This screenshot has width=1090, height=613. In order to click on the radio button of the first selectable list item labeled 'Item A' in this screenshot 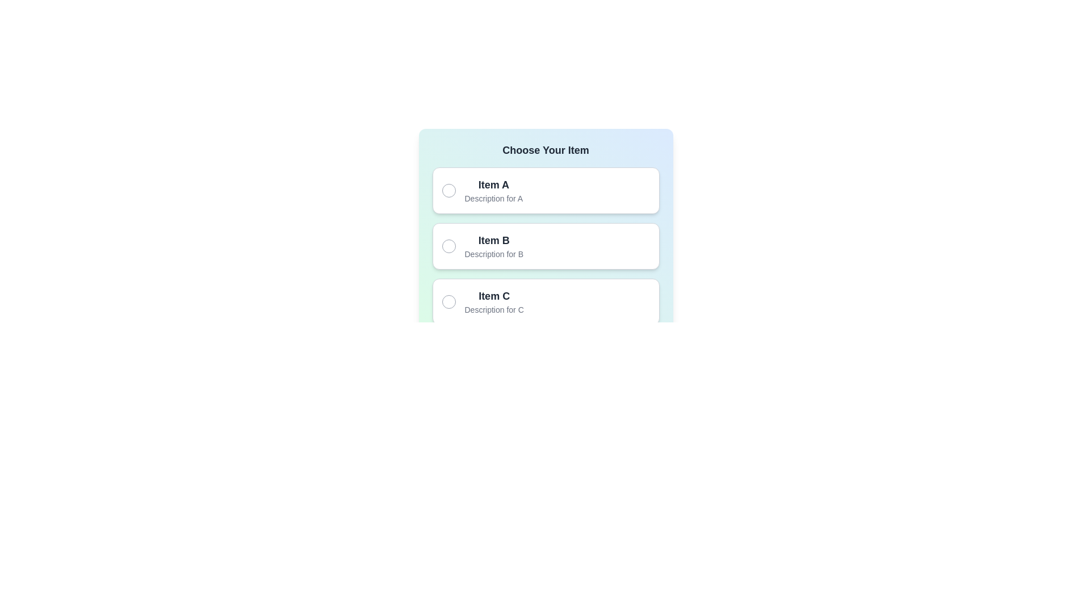, I will do `click(546, 190)`.